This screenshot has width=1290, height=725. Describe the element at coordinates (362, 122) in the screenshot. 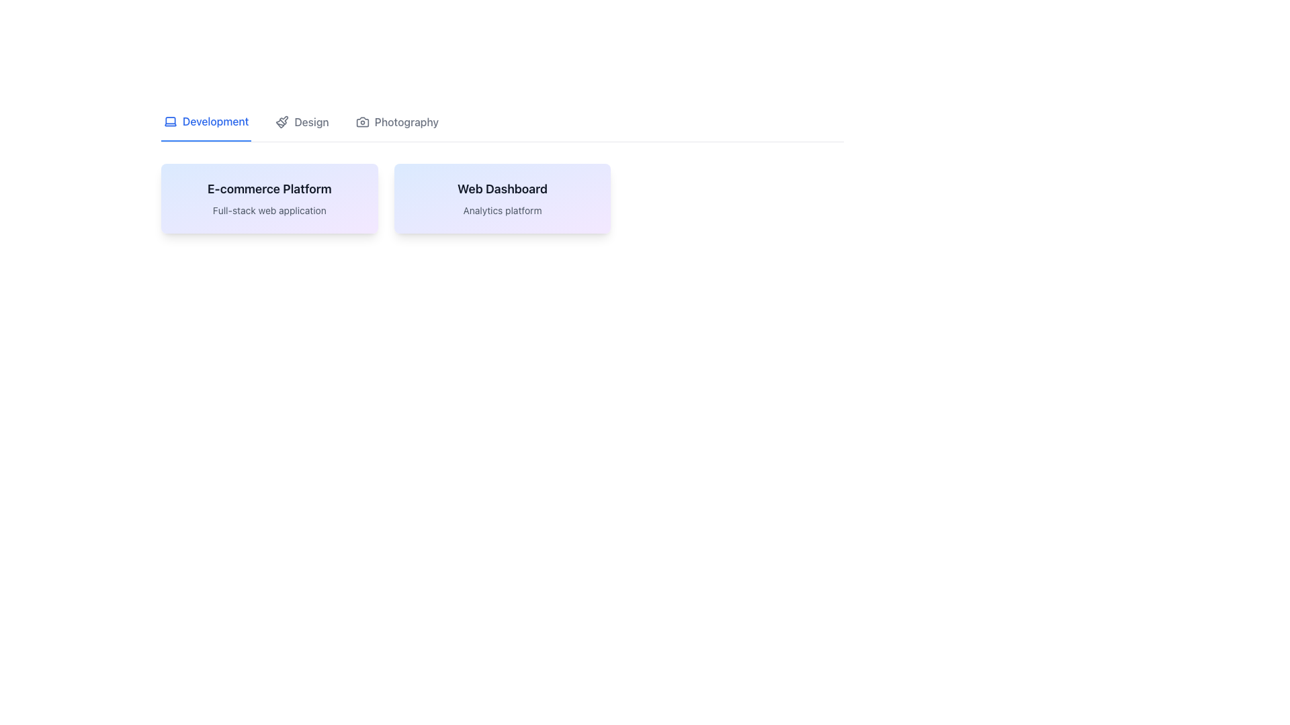

I see `the camera icon in the navigation bar labeled 'Photography', which has a modern line-art design with a gray outline and no fill` at that location.